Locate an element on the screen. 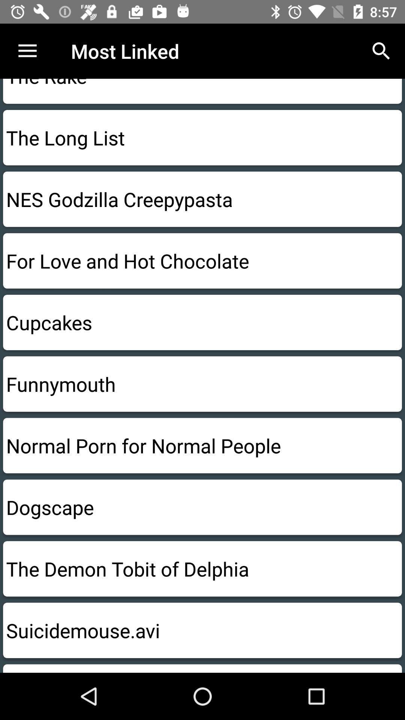 The height and width of the screenshot is (720, 405). the item above the the rake icon is located at coordinates (27, 51).